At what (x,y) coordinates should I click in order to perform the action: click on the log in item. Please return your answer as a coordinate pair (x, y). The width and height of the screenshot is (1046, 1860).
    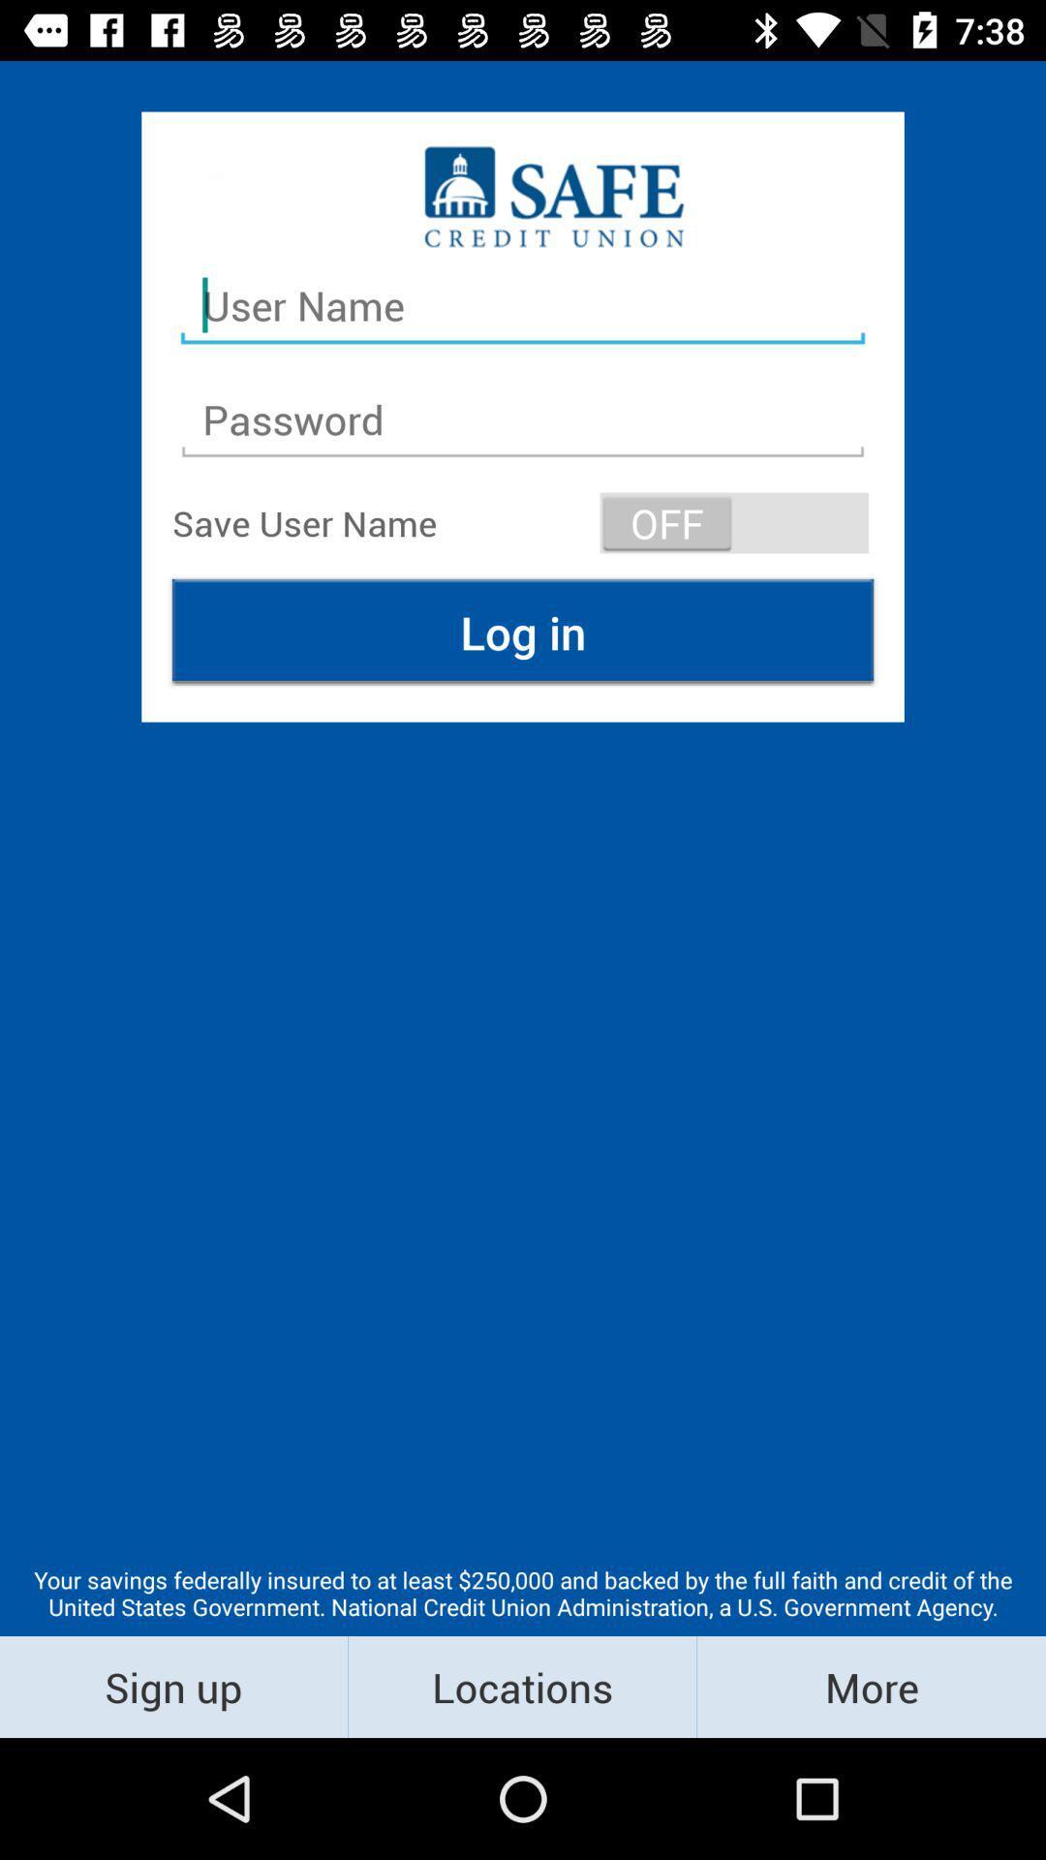
    Looking at the image, I should click on (523, 632).